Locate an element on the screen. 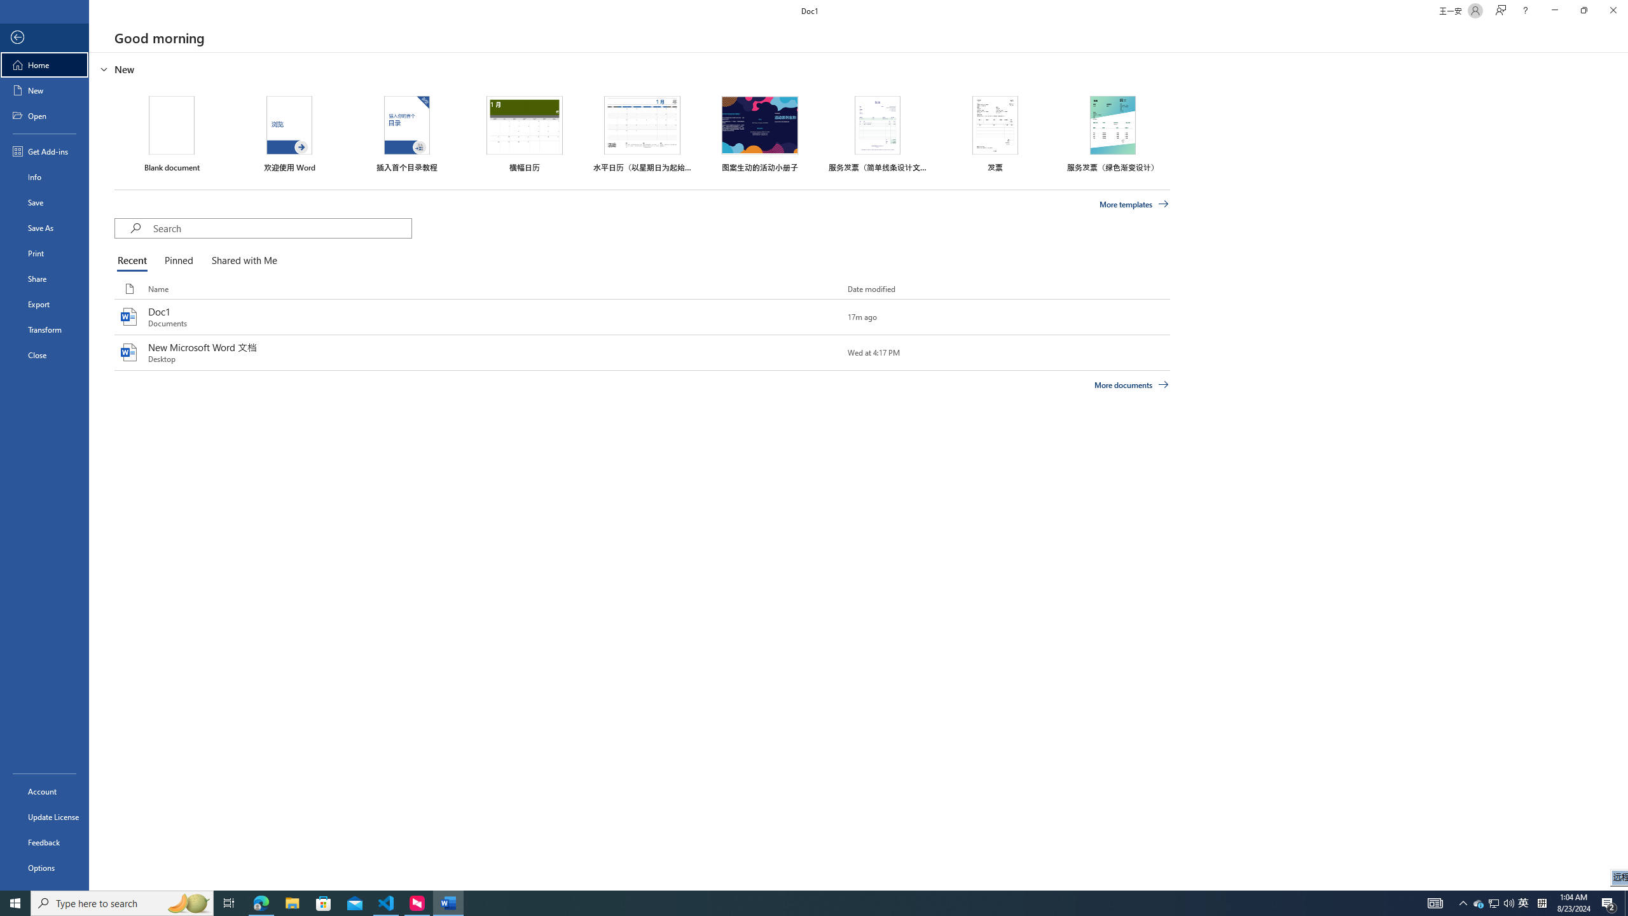  'Save As' is located at coordinates (44, 226).